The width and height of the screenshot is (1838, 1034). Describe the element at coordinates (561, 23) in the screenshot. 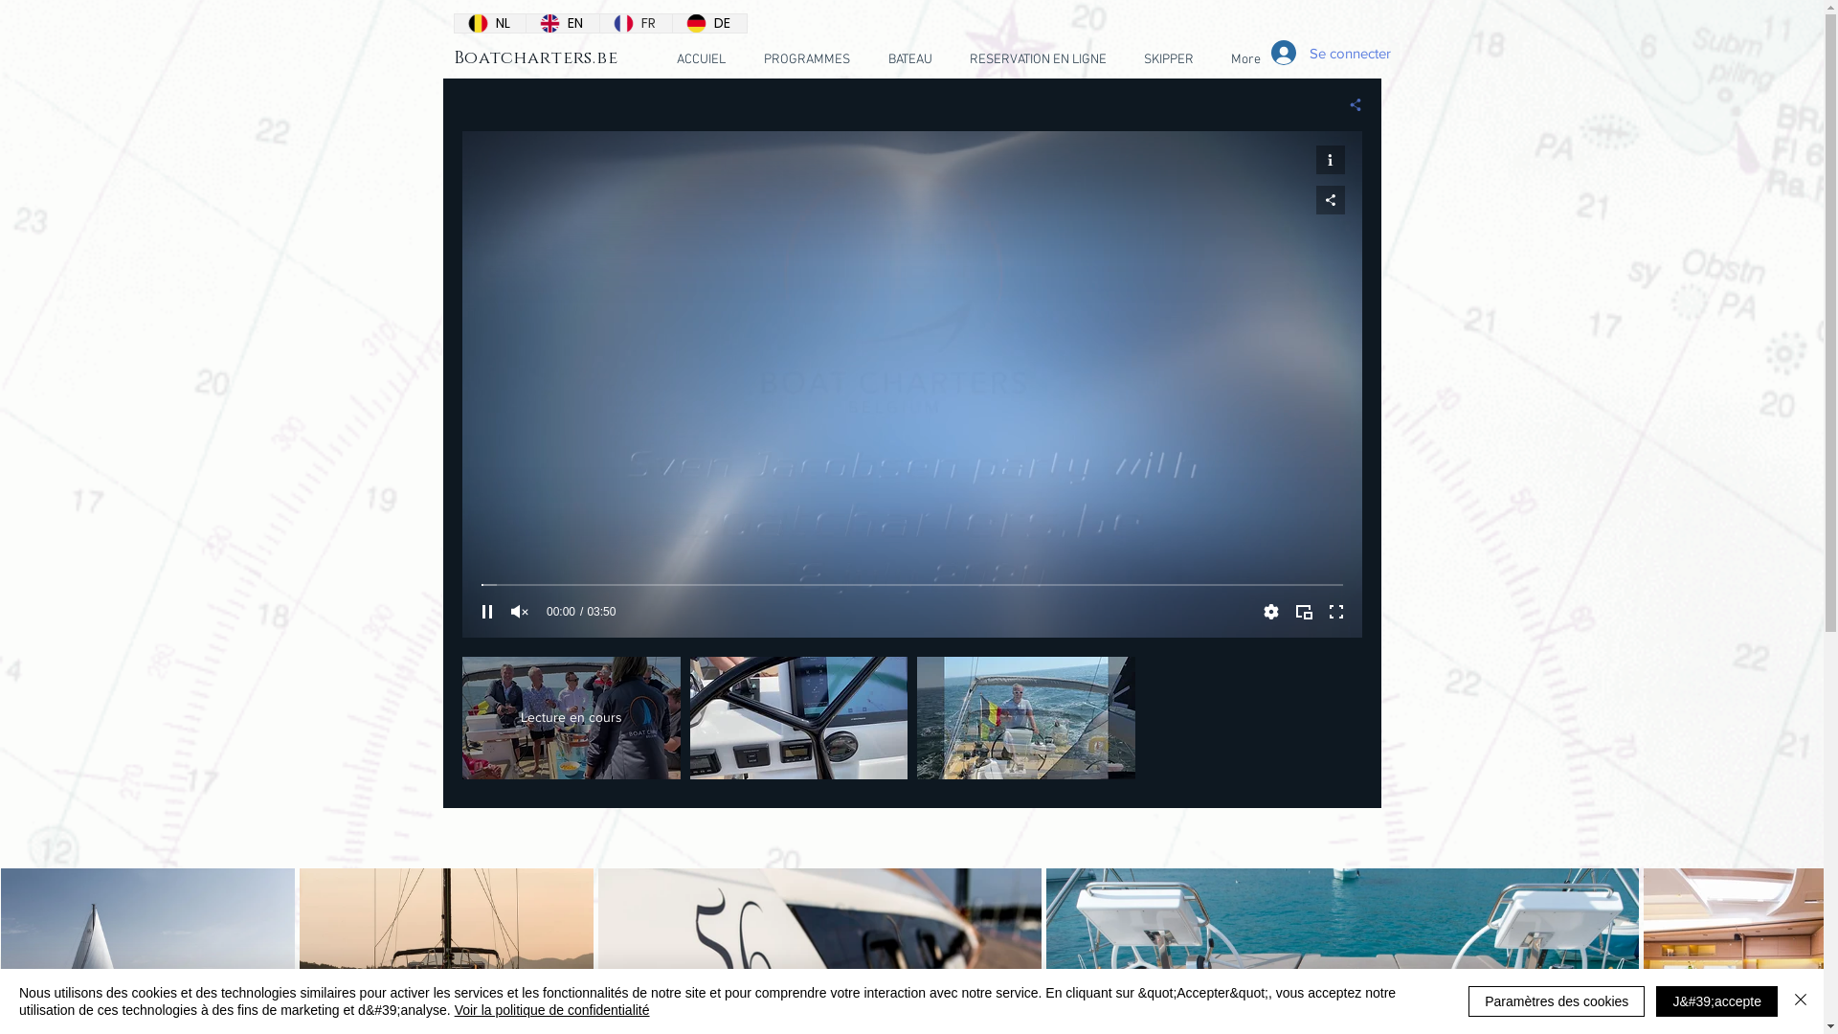

I see `'EN'` at that location.